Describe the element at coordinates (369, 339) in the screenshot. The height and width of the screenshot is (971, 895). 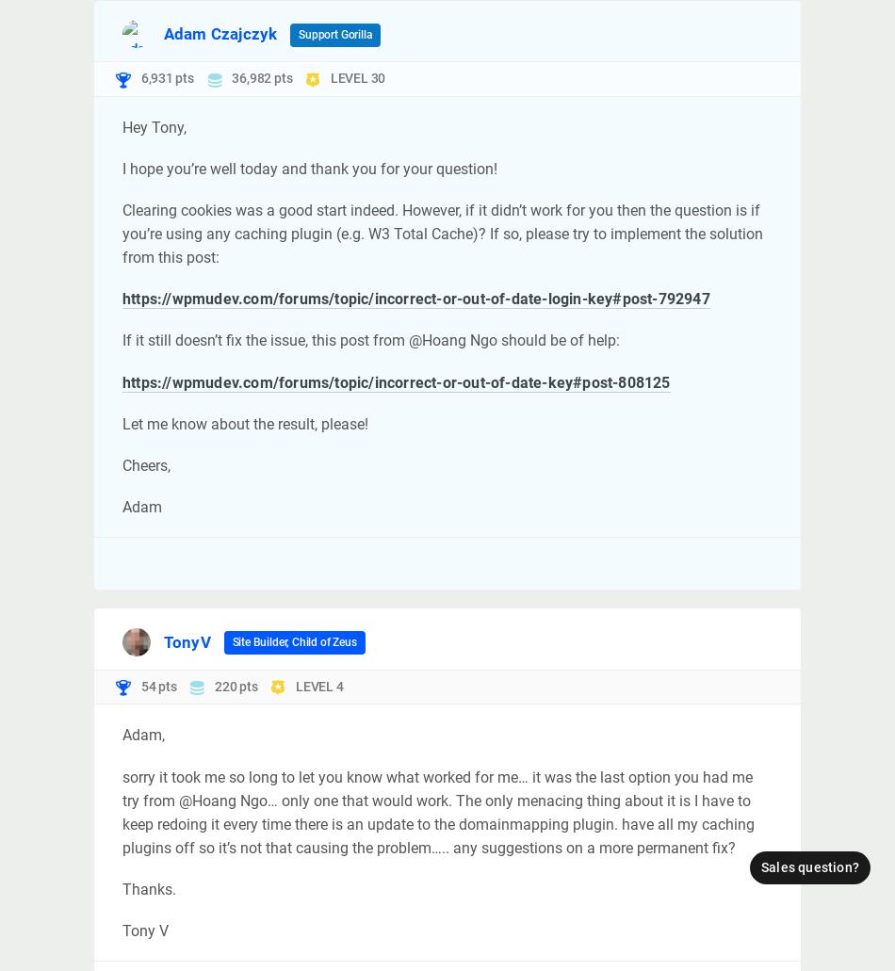
I see `'If it still doesn’t fix the issue, this post from @Hoang Ngo should be of help:'` at that location.